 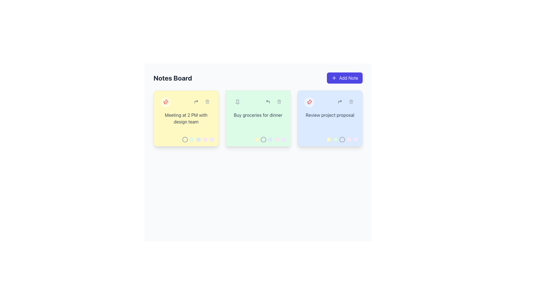 What do you see at coordinates (309, 102) in the screenshot?
I see `the leftmost pin icon within the circular button at the top-left of the 'Review project proposal' note card to mark the note` at bounding box center [309, 102].